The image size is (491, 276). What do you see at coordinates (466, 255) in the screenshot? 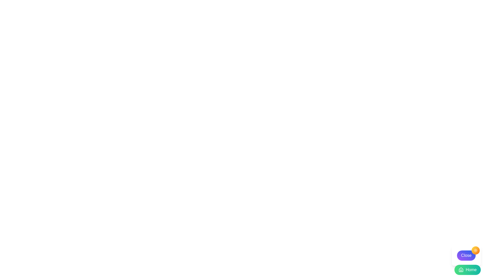
I see `the close button located at the top right of the white rounded rectangle` at bounding box center [466, 255].